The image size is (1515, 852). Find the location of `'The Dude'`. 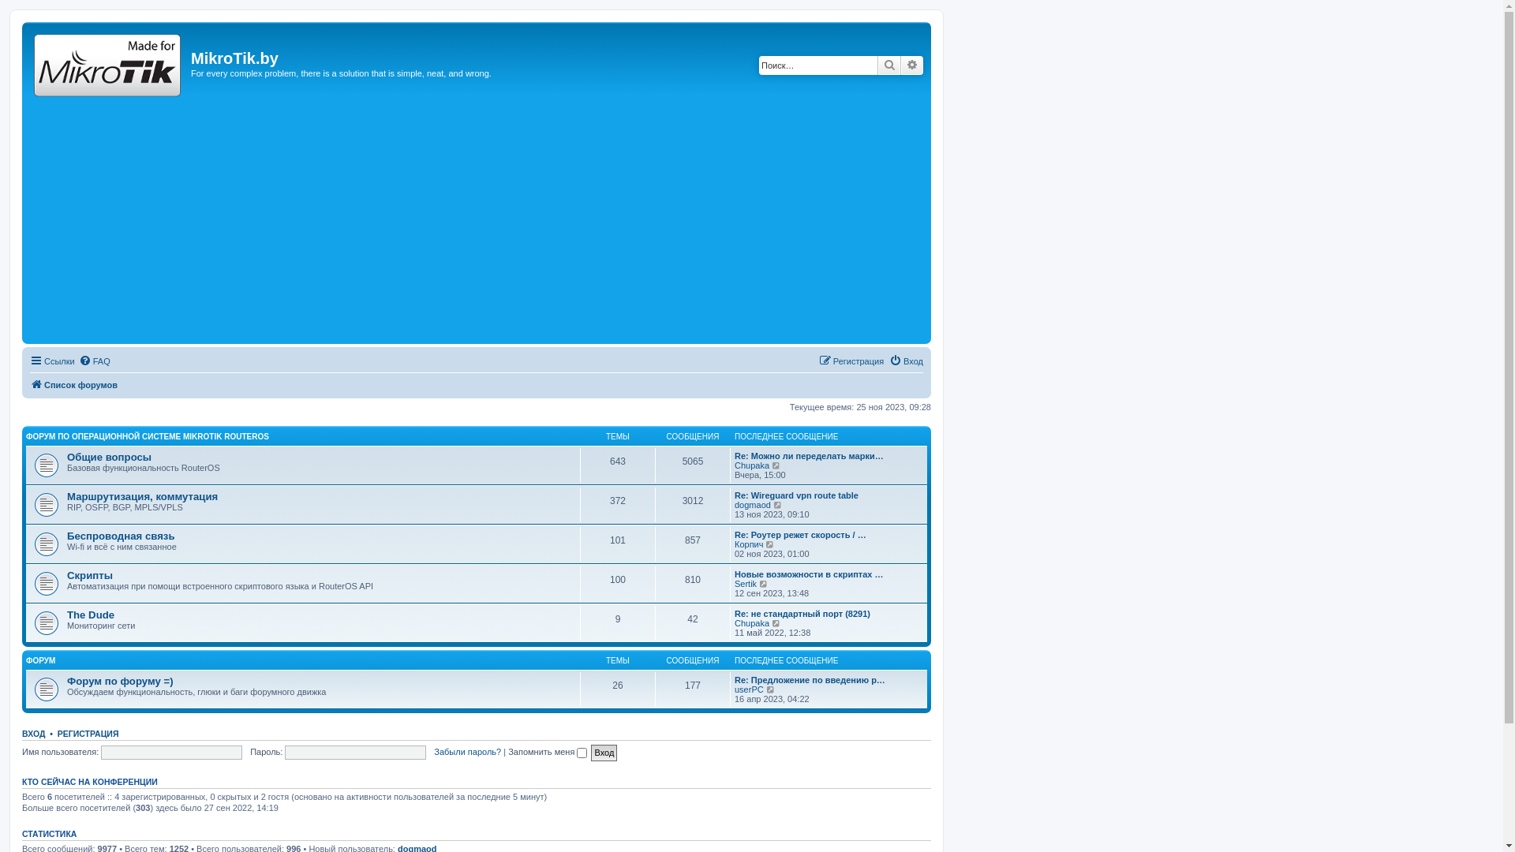

'The Dude' is located at coordinates (90, 614).